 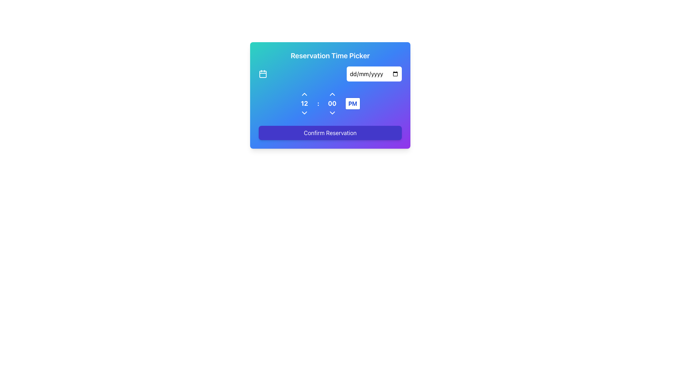 I want to click on the increment hour button located above the bold '12' text in the time picker interface, so click(x=304, y=94).